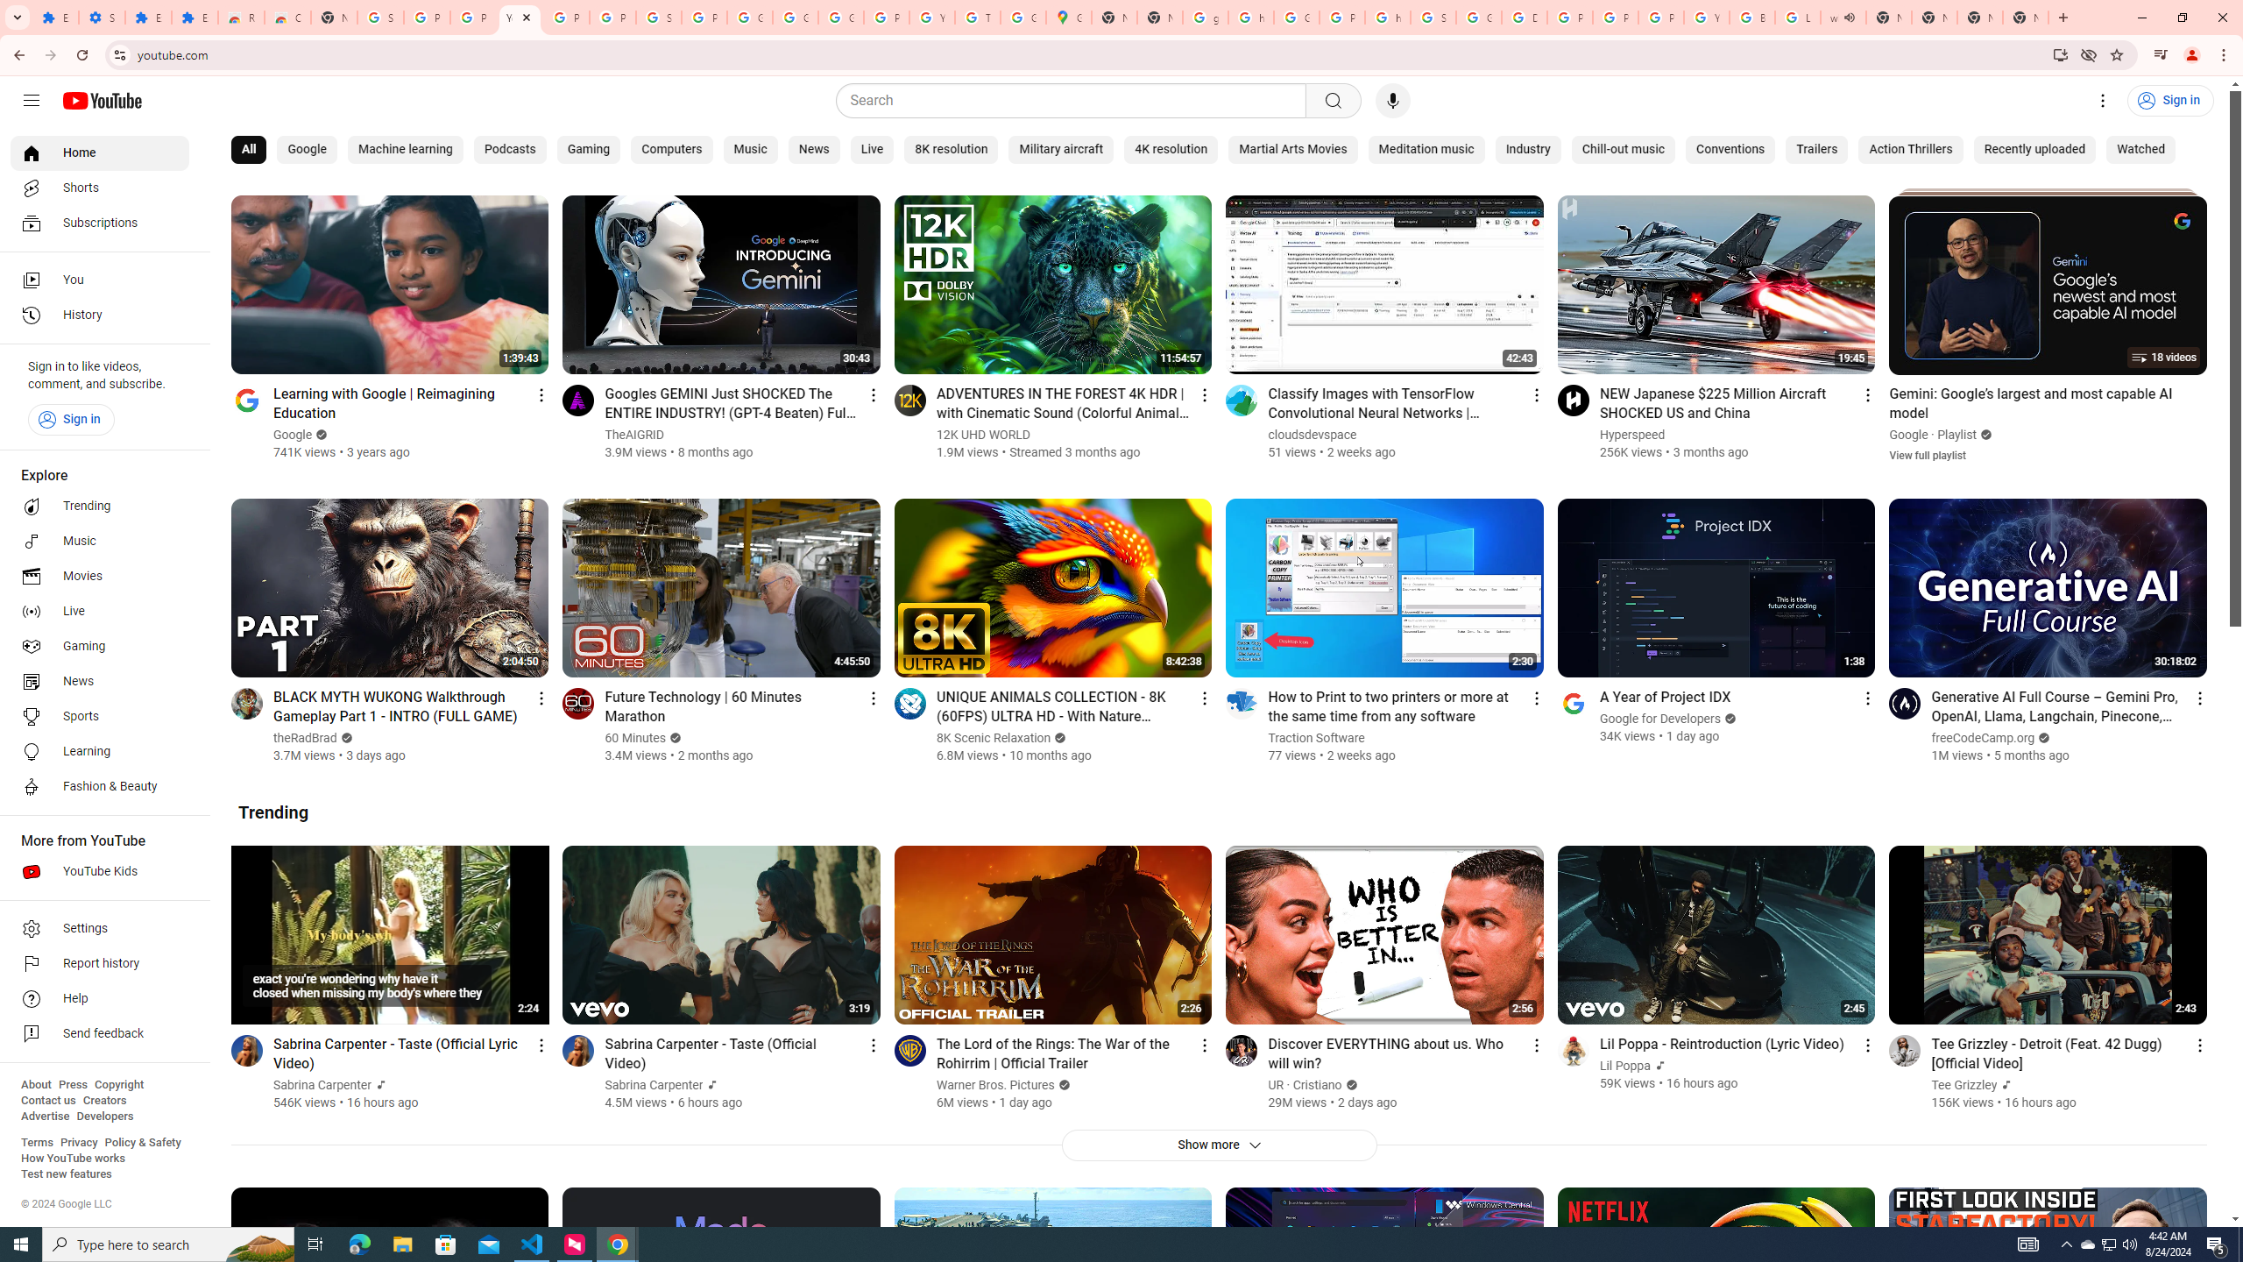  What do you see at coordinates (99, 1033) in the screenshot?
I see `'Send feedback'` at bounding box center [99, 1033].